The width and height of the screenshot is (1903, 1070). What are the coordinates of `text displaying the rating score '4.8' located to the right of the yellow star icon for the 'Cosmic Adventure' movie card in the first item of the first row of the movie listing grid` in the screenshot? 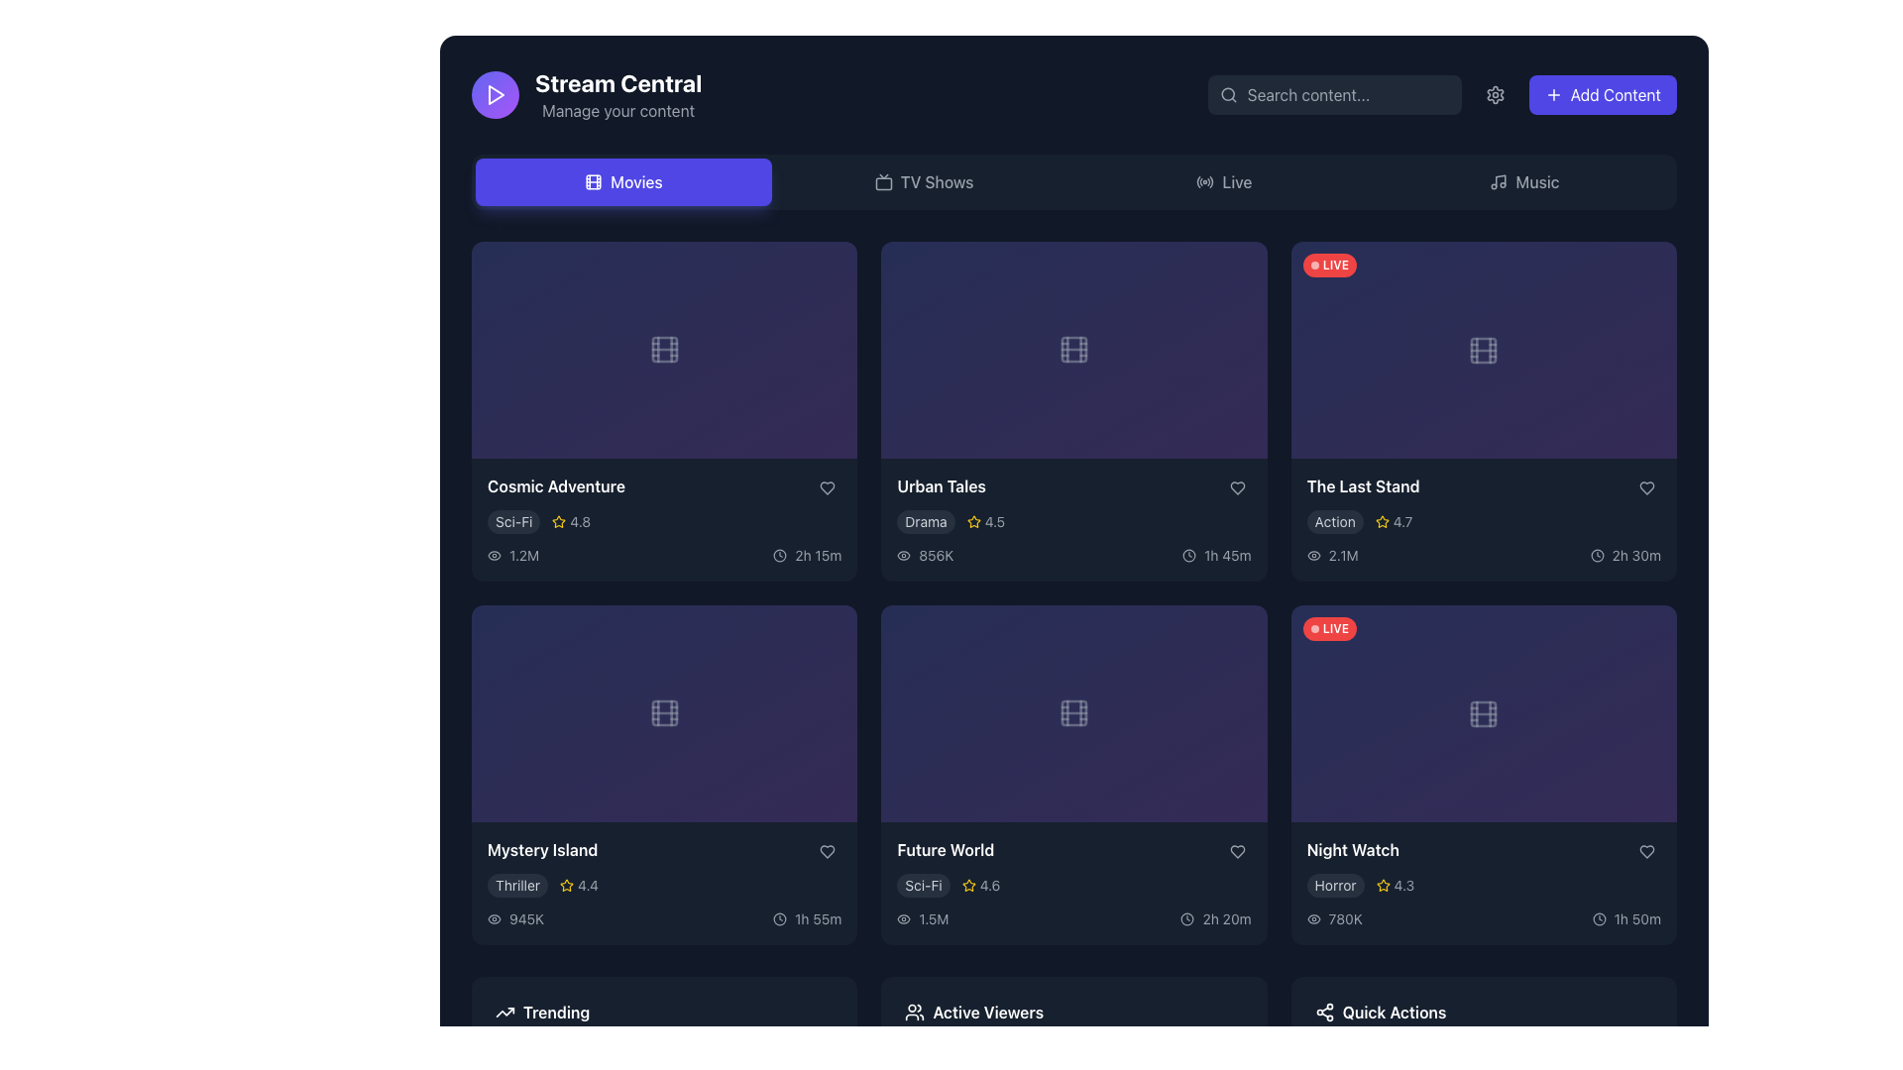 It's located at (579, 520).